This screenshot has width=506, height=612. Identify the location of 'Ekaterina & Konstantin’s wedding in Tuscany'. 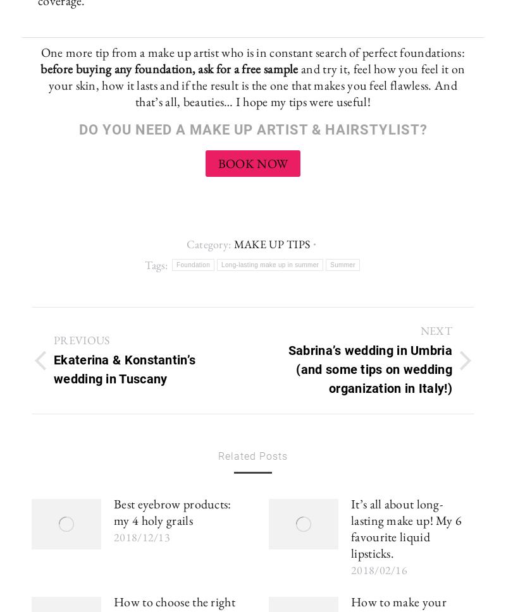
(123, 368).